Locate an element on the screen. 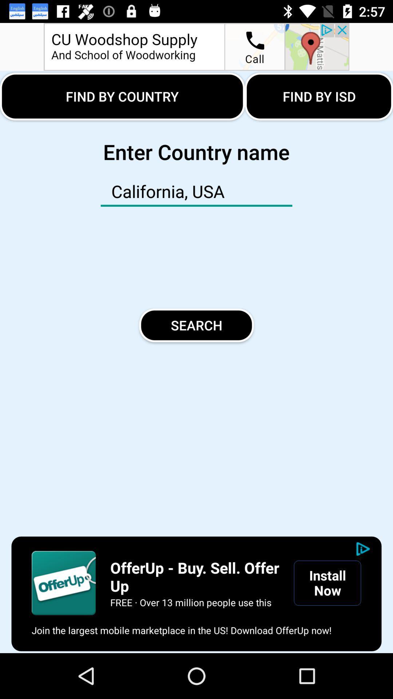 The height and width of the screenshot is (699, 393). advertisement is located at coordinates (196, 46).